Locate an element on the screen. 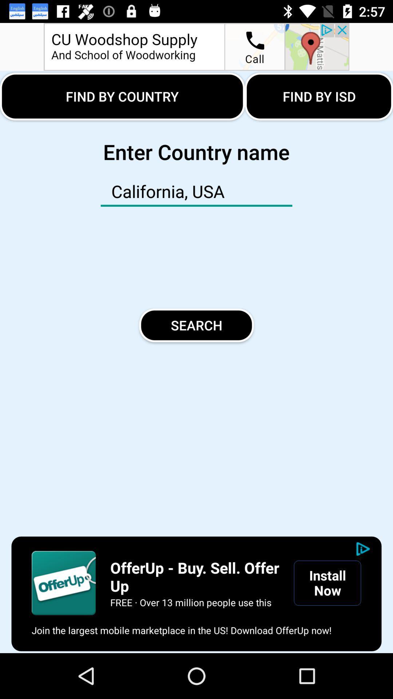 The height and width of the screenshot is (699, 393). advertisement is located at coordinates (196, 46).